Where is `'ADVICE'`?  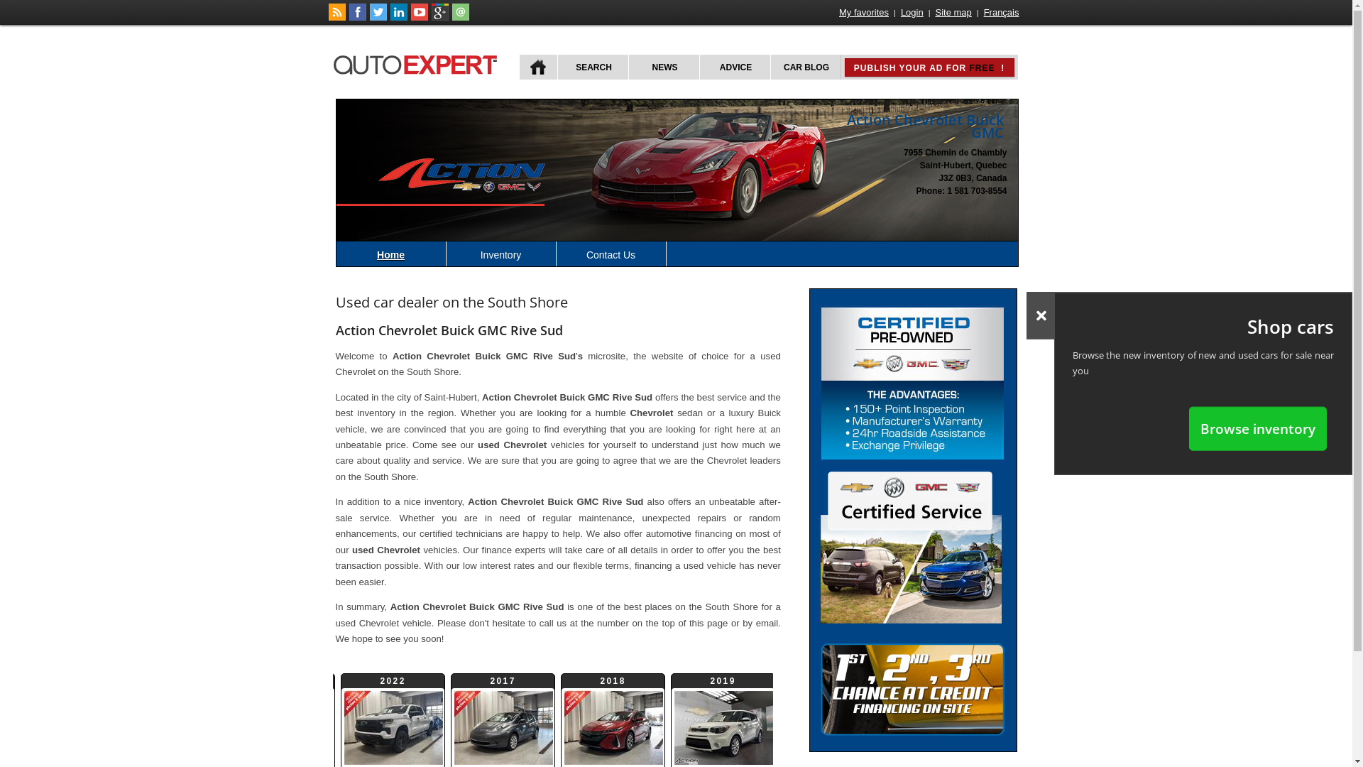 'ADVICE' is located at coordinates (698, 67).